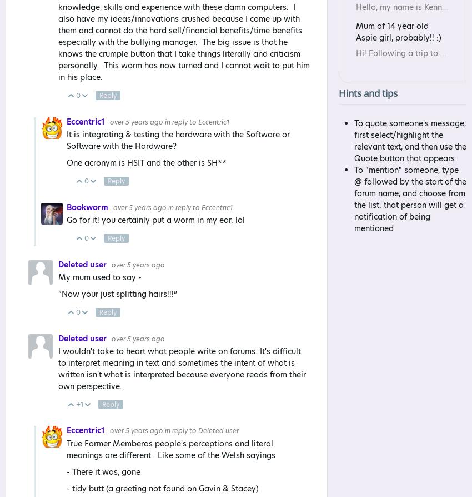 The image size is (472, 497). Describe the element at coordinates (103, 471) in the screenshot. I see `'- There it was, gone'` at that location.